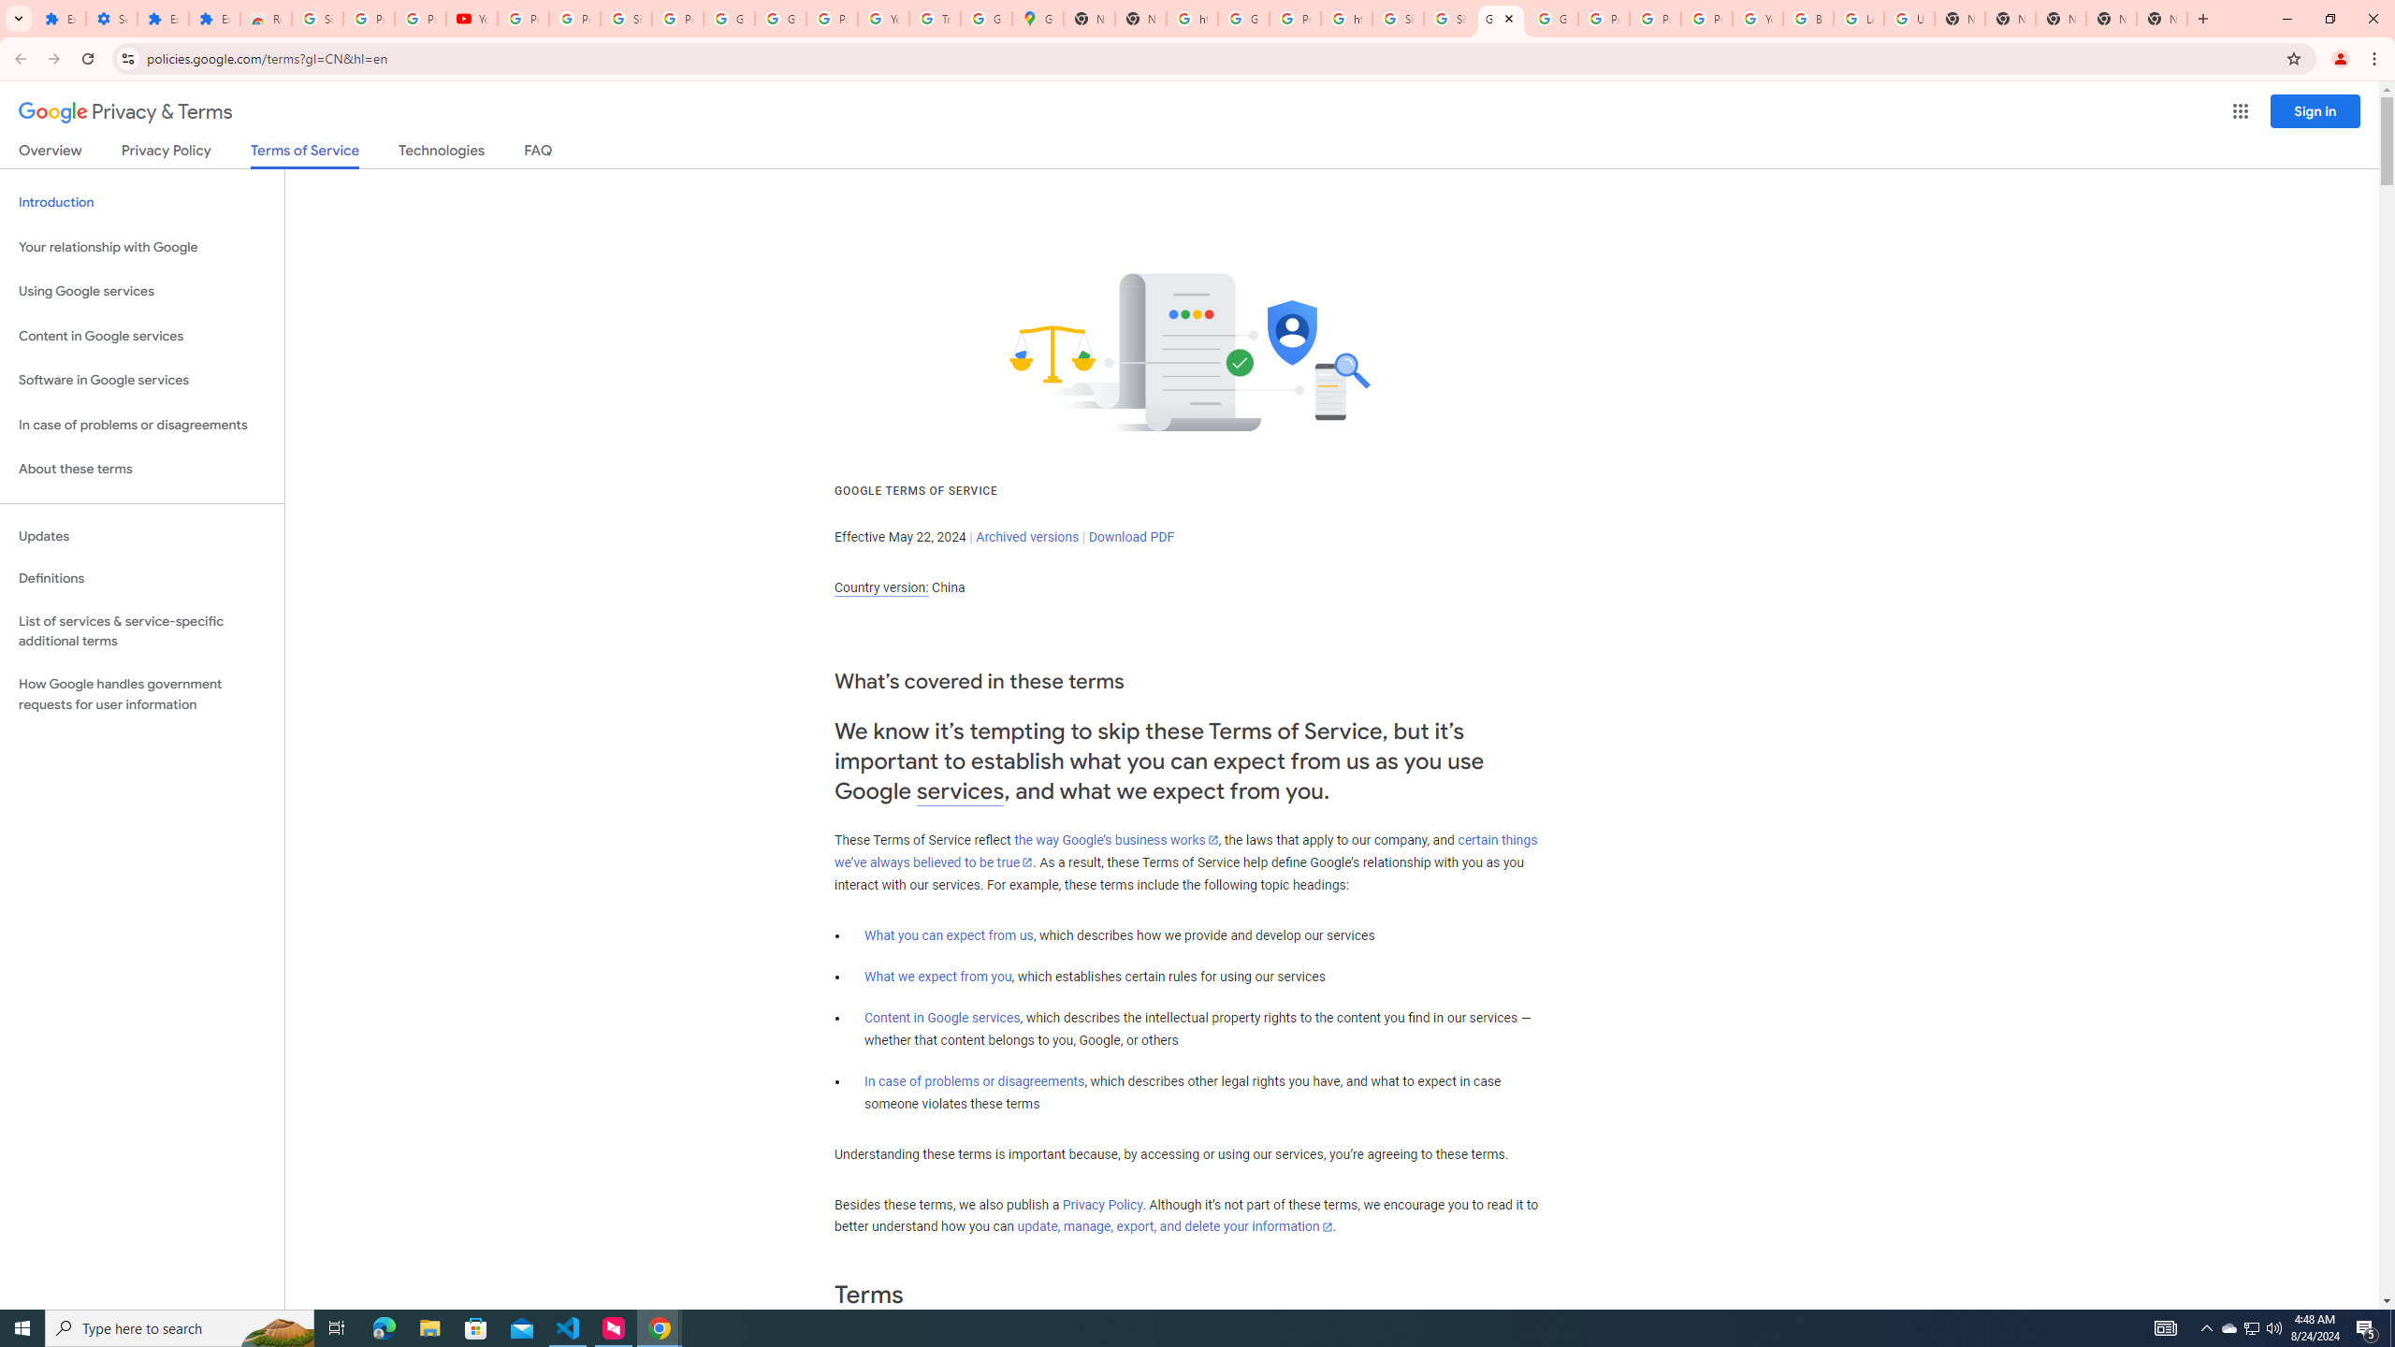  Describe the element at coordinates (141, 630) in the screenshot. I see `'List of services & service-specific additional terms'` at that location.